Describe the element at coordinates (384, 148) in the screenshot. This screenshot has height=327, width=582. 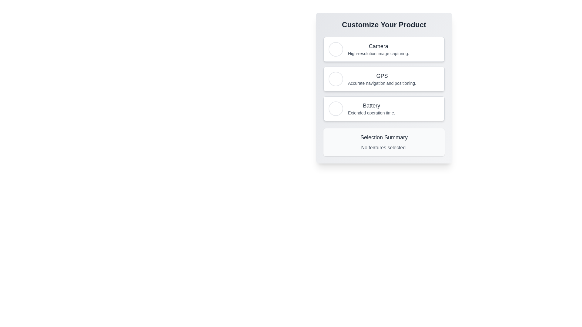
I see `the static text label that informs users that no features have been selected, located within the 'Selection Summary' section, below the title text` at that location.